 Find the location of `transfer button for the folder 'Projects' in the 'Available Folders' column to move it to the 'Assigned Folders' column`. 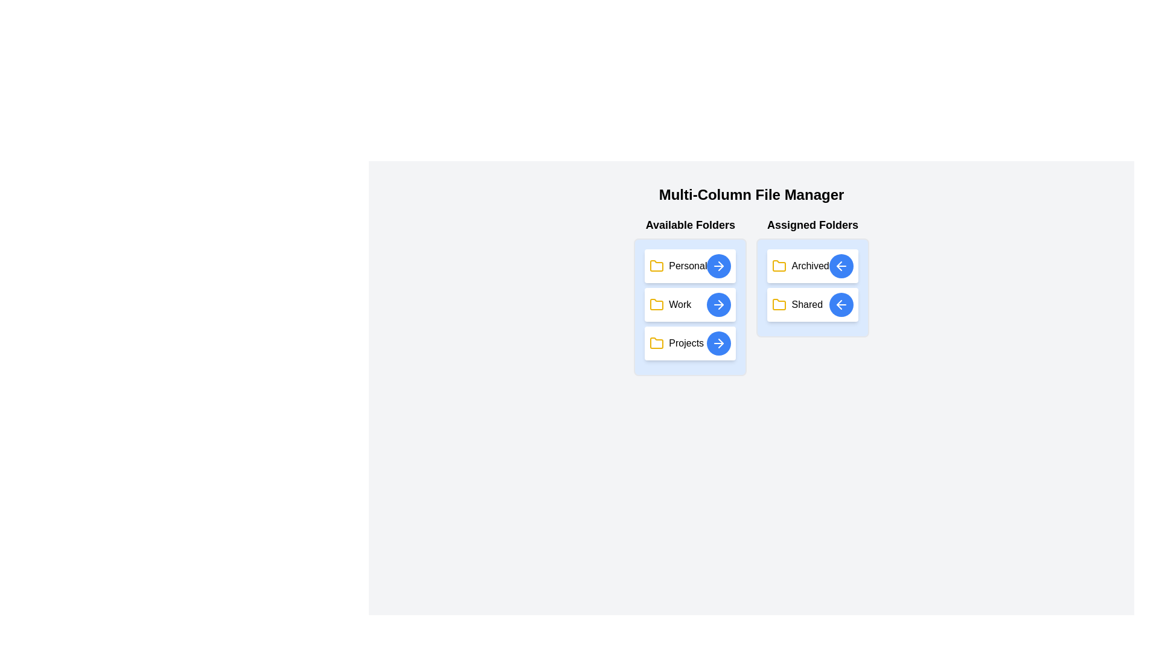

transfer button for the folder 'Projects' in the 'Available Folders' column to move it to the 'Assigned Folders' column is located at coordinates (719, 344).